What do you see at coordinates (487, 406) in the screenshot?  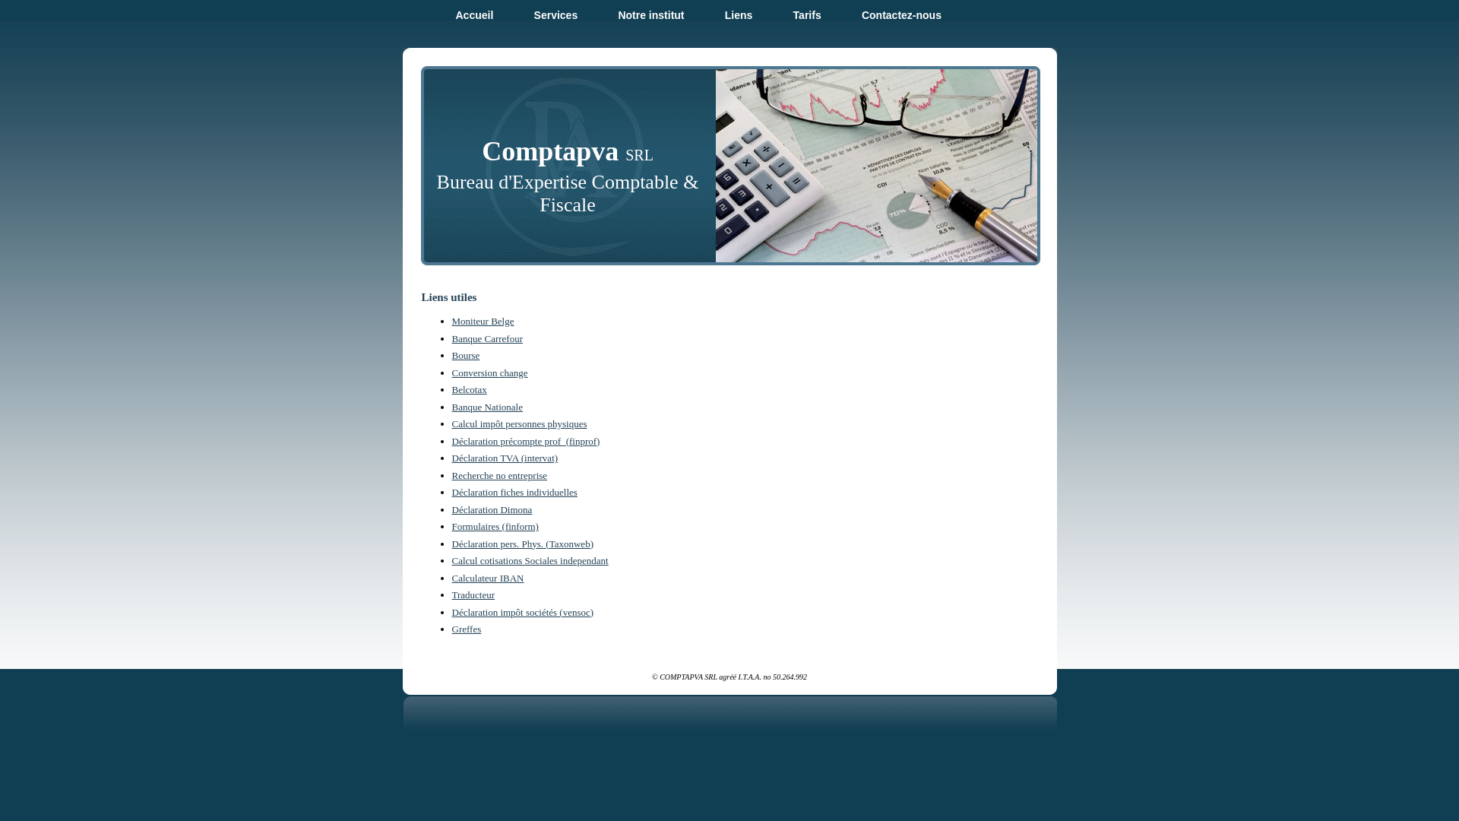 I see `'Banque Nationale'` at bounding box center [487, 406].